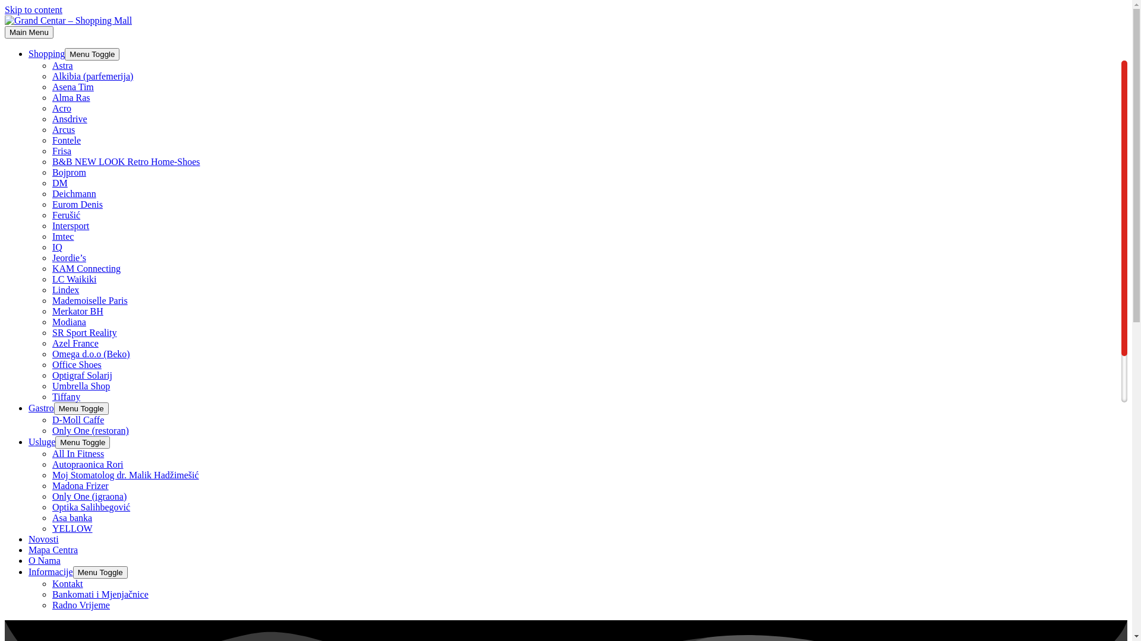 The image size is (1141, 641). What do you see at coordinates (73, 279) in the screenshot?
I see `'LC Waikiki'` at bounding box center [73, 279].